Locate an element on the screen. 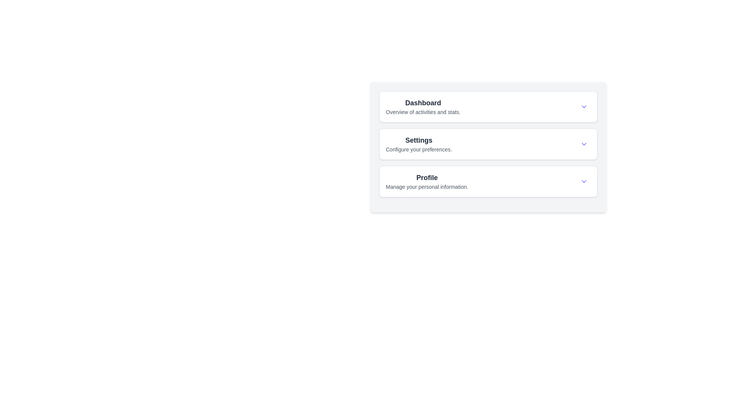 The width and height of the screenshot is (732, 412). the text label that serves as the title for the 'Settings' section, which summarizes related content or functionality is located at coordinates (418, 140).